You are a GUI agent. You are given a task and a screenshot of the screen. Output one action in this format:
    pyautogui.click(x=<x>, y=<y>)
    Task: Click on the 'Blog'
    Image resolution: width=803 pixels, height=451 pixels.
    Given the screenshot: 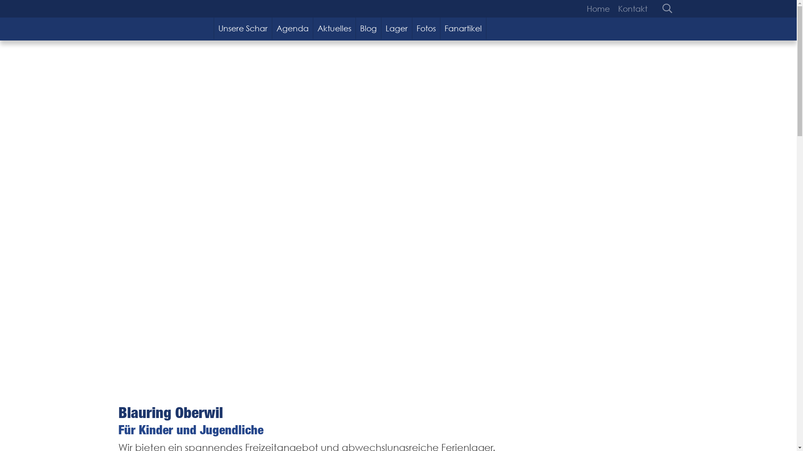 What is the action you would take?
    pyautogui.click(x=355, y=28)
    